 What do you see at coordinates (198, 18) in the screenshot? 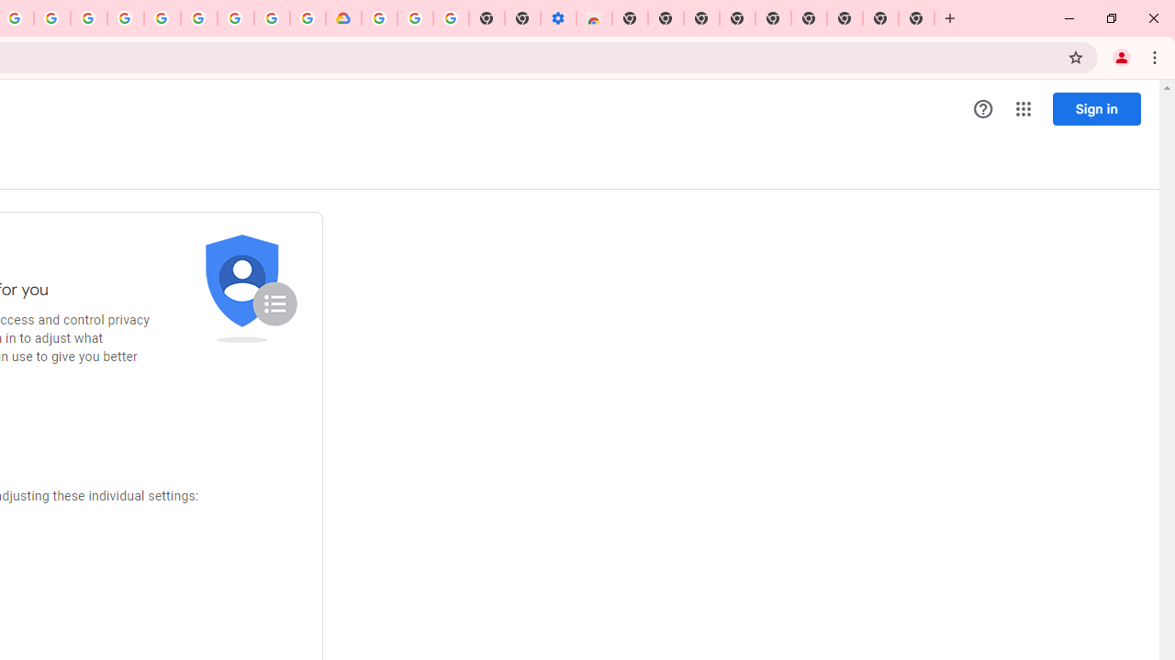
I see `'Google Account Help'` at bounding box center [198, 18].